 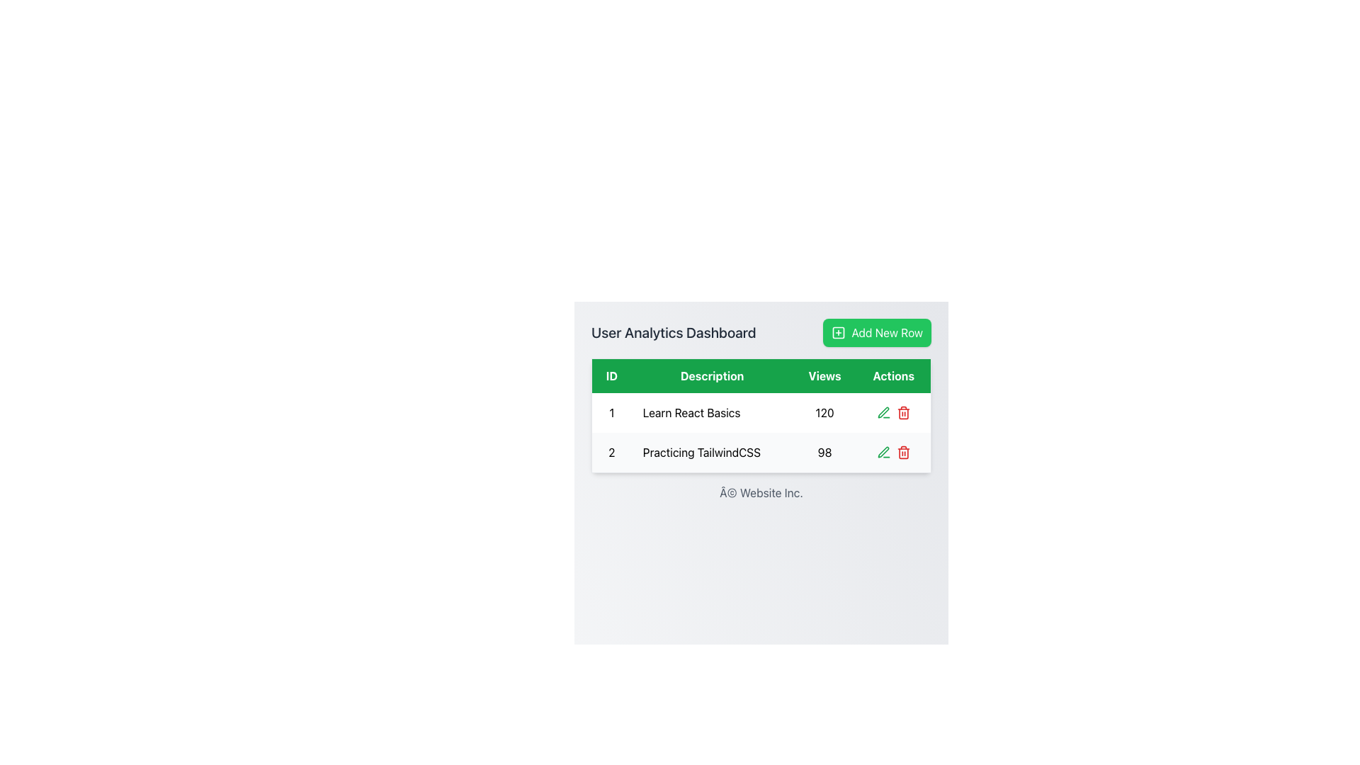 What do you see at coordinates (876, 333) in the screenshot?
I see `the rounded-green 'Add New Row' button located on the right side of the header section of the 'User Analytics Dashboard'` at bounding box center [876, 333].